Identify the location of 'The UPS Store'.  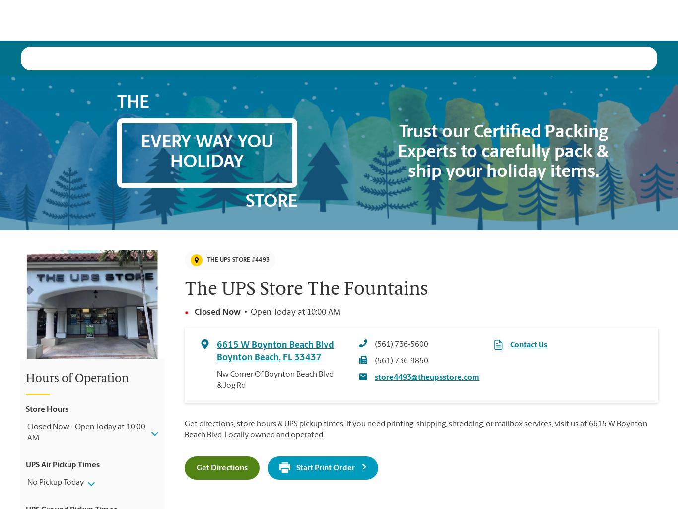
(40, 434).